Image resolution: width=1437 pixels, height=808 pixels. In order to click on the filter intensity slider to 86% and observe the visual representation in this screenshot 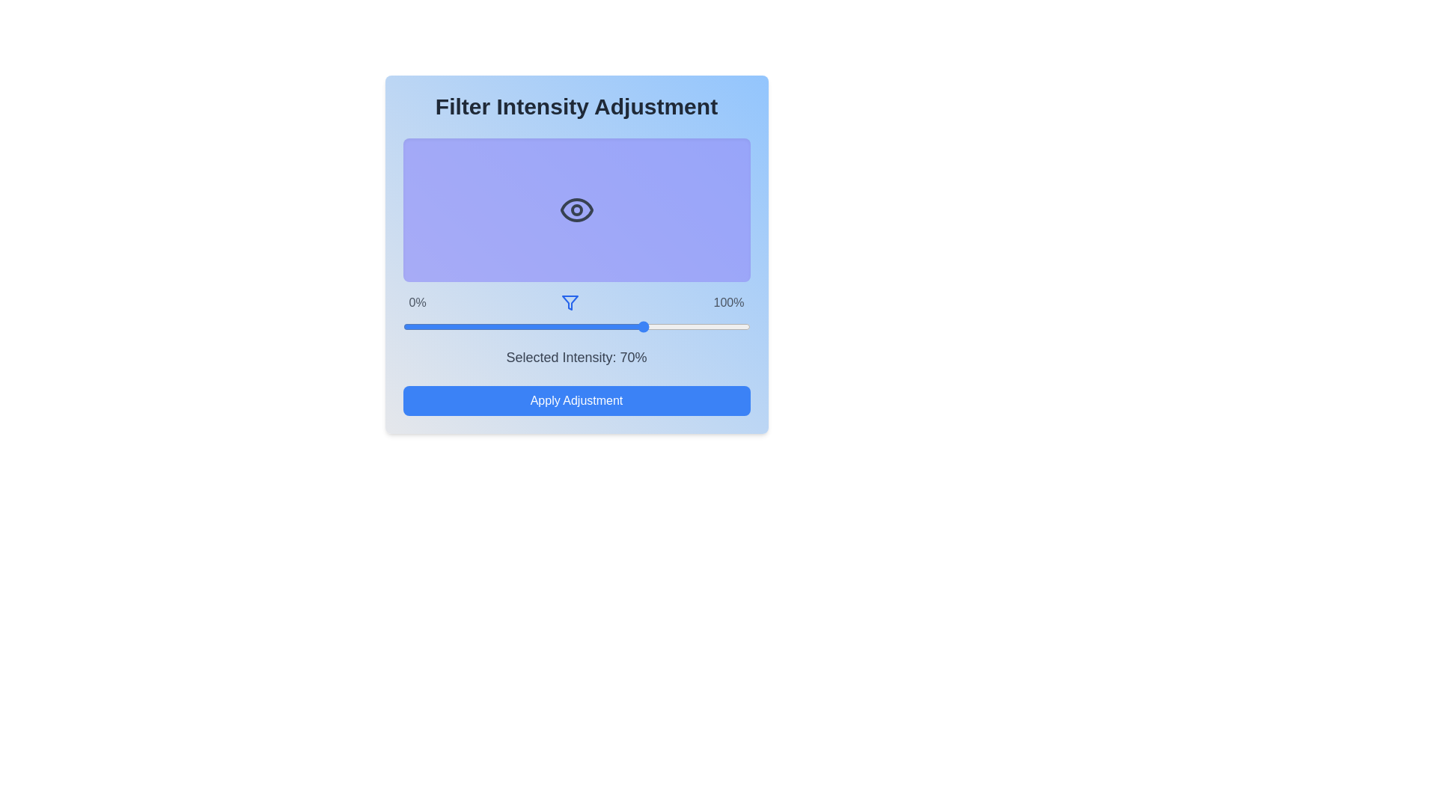, I will do `click(701, 325)`.